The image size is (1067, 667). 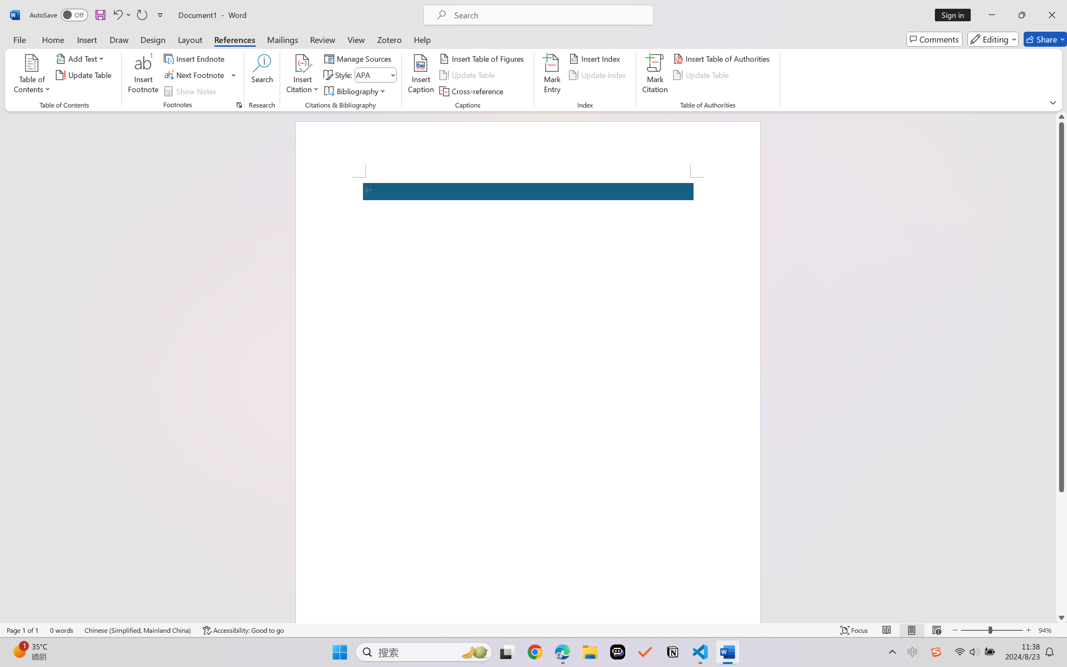 I want to click on 'Cross-reference...', so click(x=473, y=91).